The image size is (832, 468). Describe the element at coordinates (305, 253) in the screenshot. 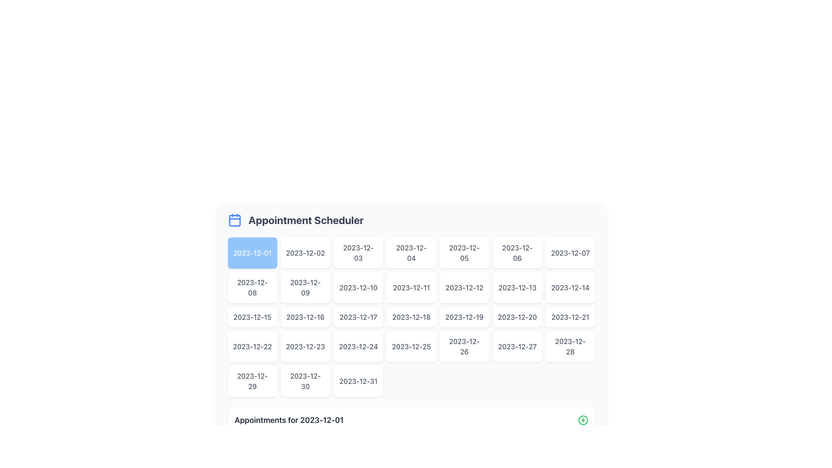

I see `the button labeled '2023-12-02' in the Appointment Scheduler section` at that location.